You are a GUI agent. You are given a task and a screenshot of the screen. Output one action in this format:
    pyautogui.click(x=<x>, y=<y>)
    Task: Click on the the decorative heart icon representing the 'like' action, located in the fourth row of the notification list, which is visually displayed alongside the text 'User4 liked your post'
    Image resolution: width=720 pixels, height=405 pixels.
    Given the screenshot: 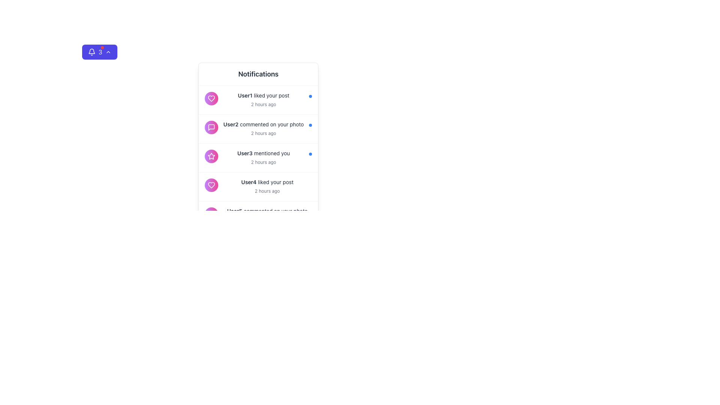 What is the action you would take?
    pyautogui.click(x=211, y=98)
    